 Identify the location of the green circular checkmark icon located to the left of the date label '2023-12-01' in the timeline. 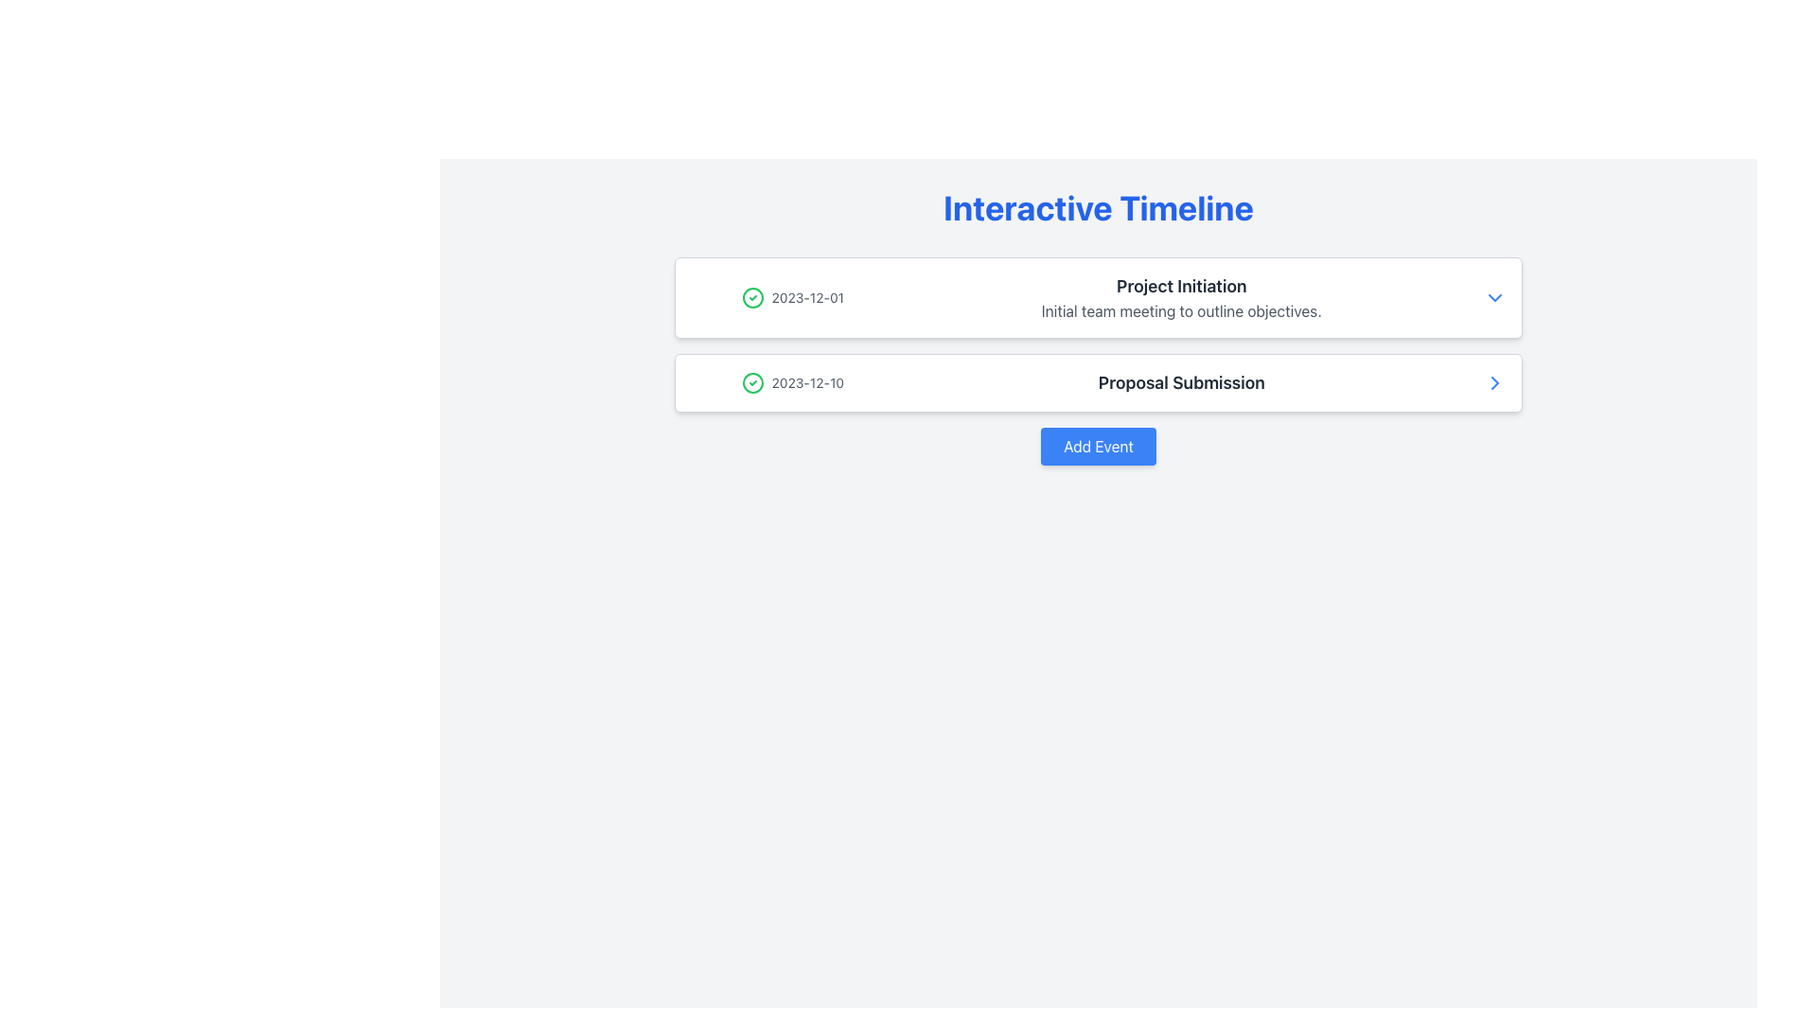
(751, 298).